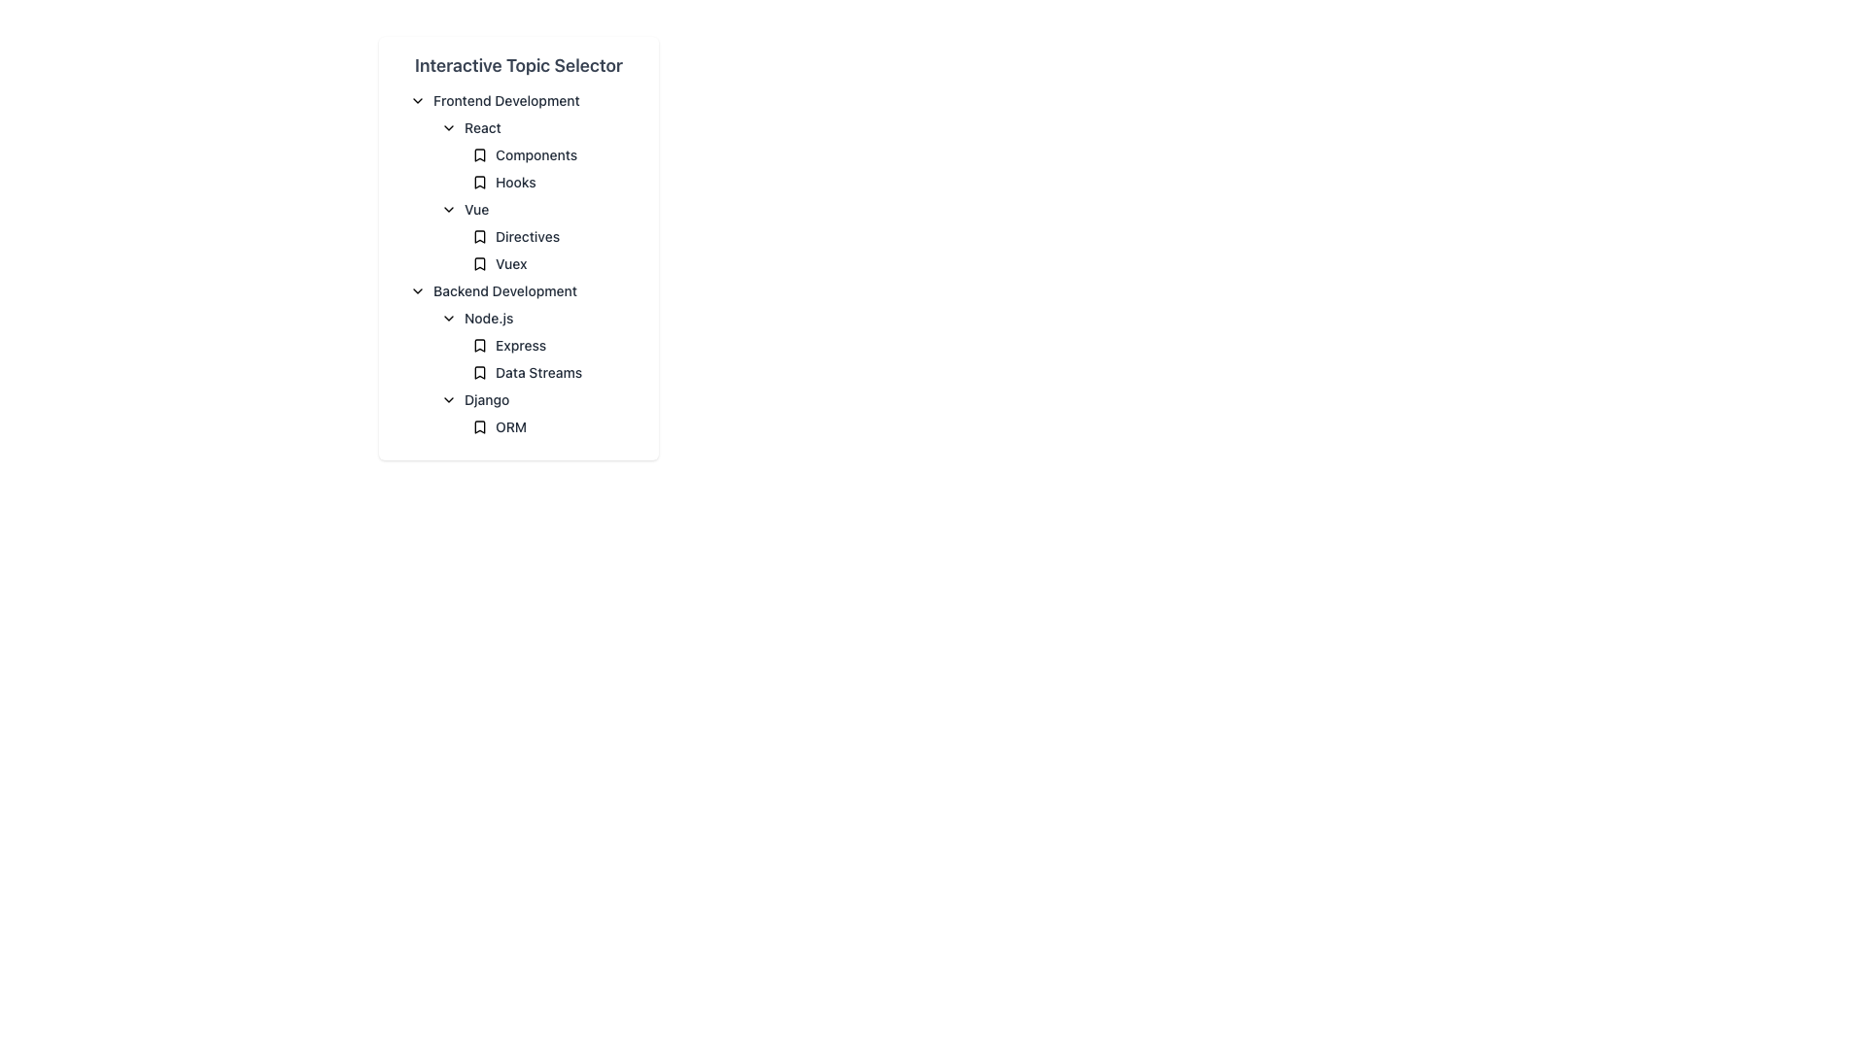  Describe the element at coordinates (480, 344) in the screenshot. I see `the bookmark icon located to the left of the 'Express' label text in the 'Backend Development' section of the menu` at that location.